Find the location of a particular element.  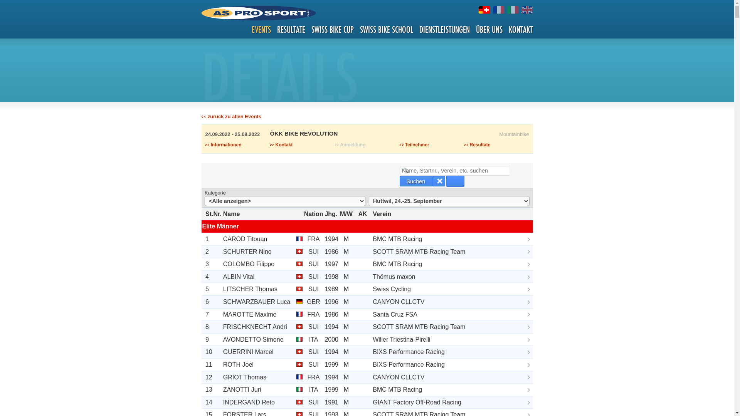

'Suchen' is located at coordinates (415, 181).